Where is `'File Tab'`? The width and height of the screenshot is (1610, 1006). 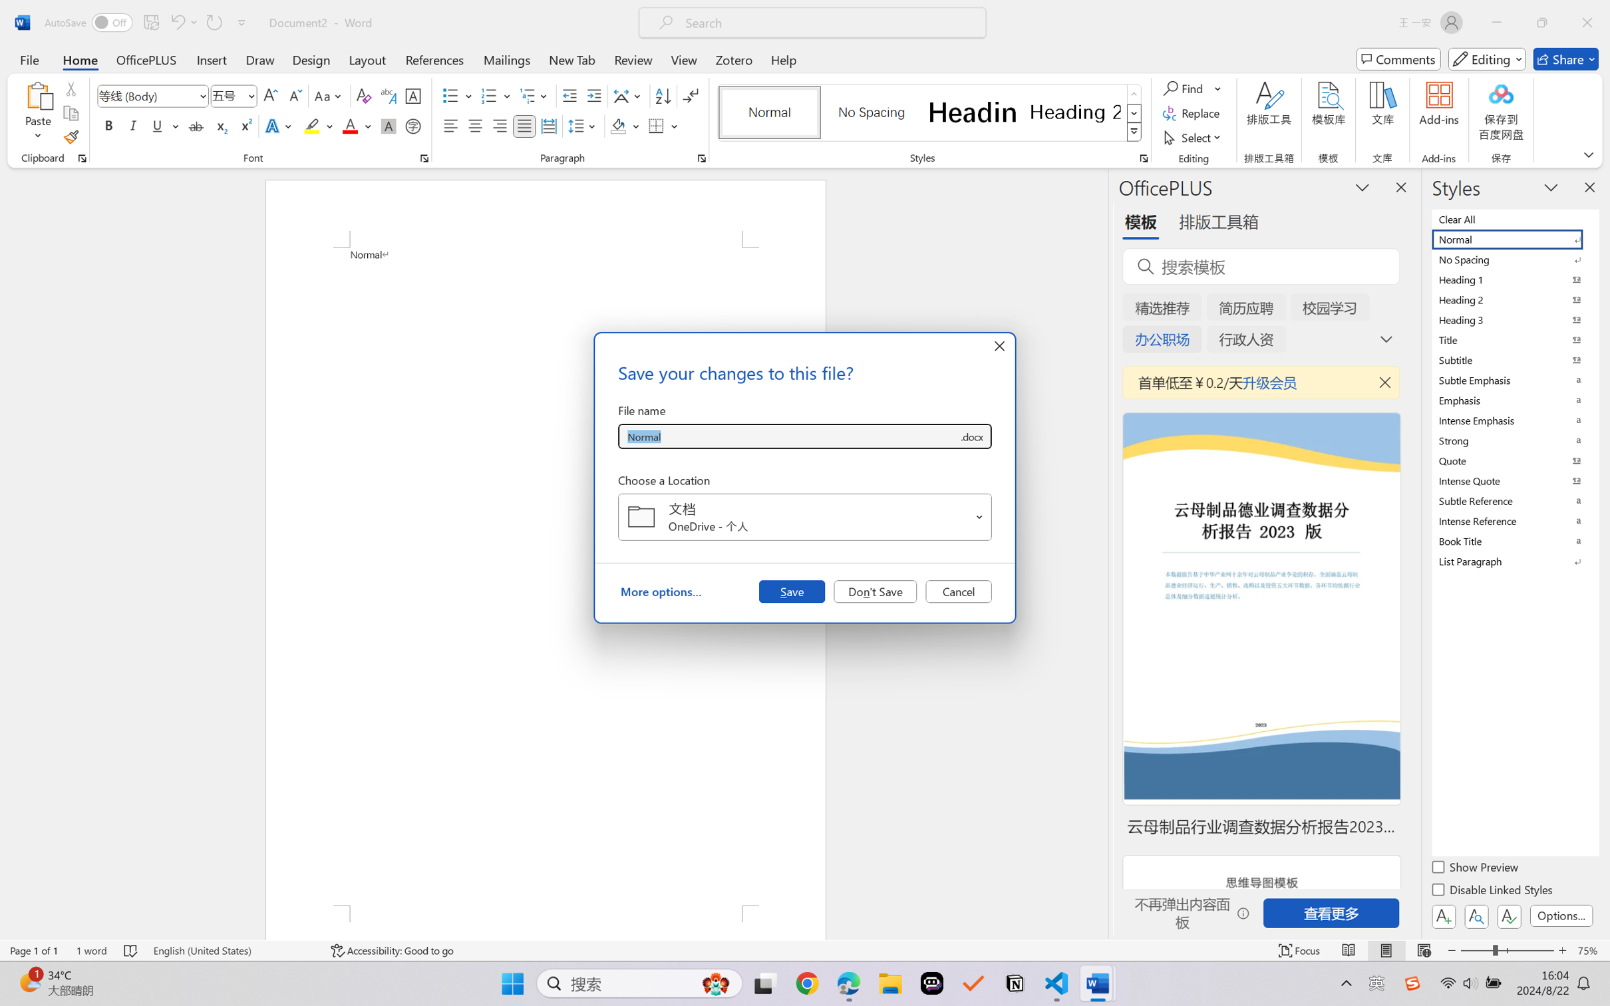 'File Tab' is located at coordinates (29, 59).